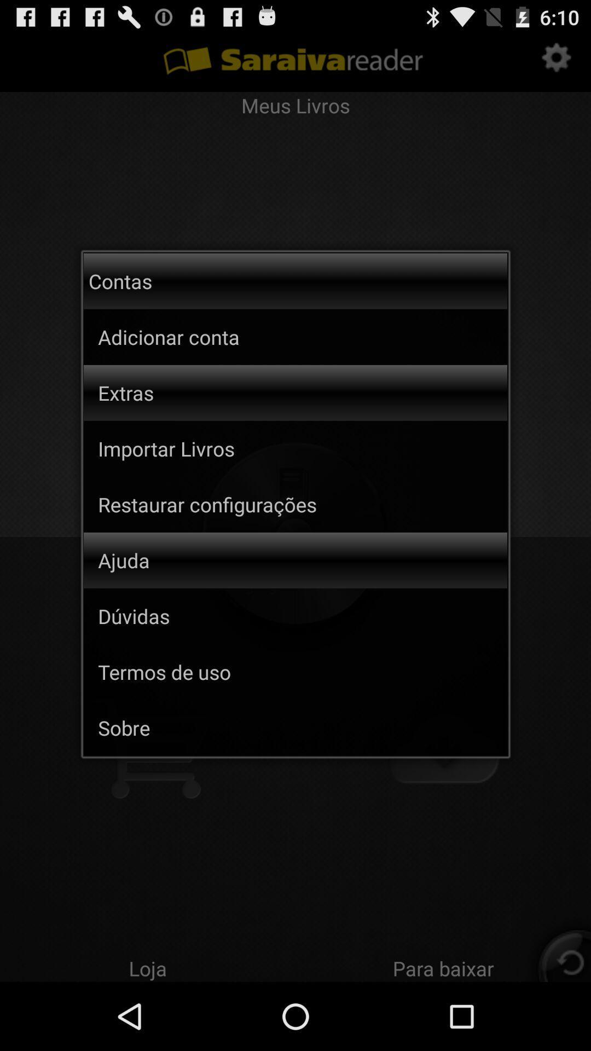 The width and height of the screenshot is (591, 1051). What do you see at coordinates (213, 336) in the screenshot?
I see `the adicionar conta                   item` at bounding box center [213, 336].